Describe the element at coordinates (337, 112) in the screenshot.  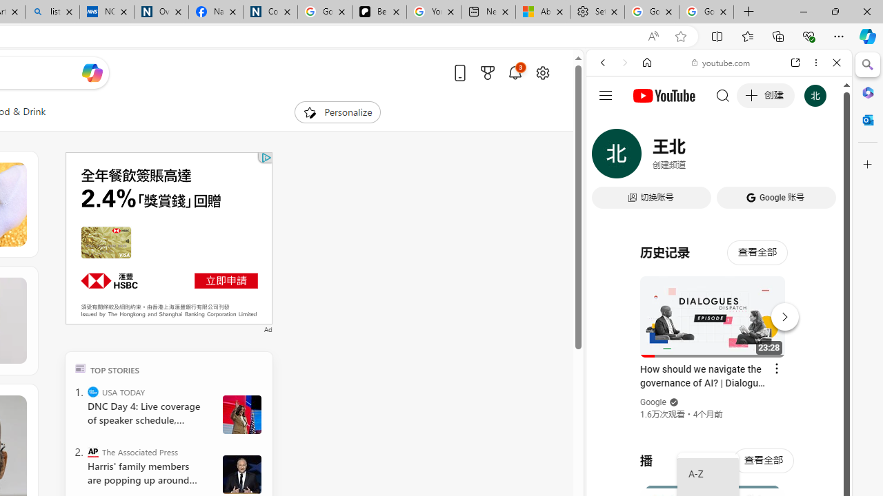
I see `'Personalize'` at that location.